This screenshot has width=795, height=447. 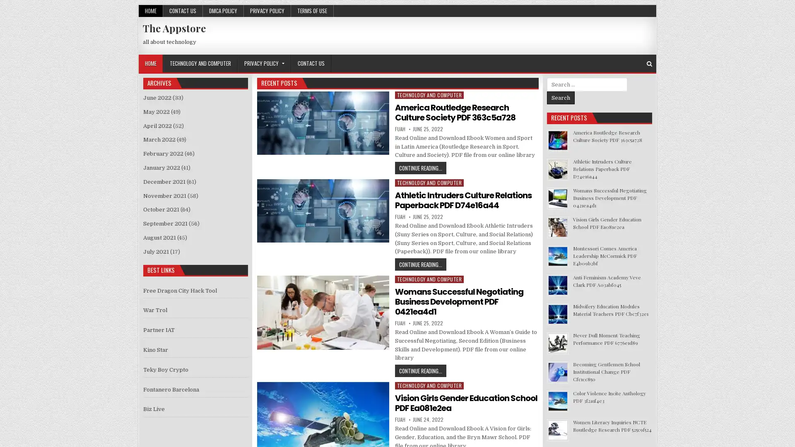 I want to click on Search, so click(x=561, y=97).